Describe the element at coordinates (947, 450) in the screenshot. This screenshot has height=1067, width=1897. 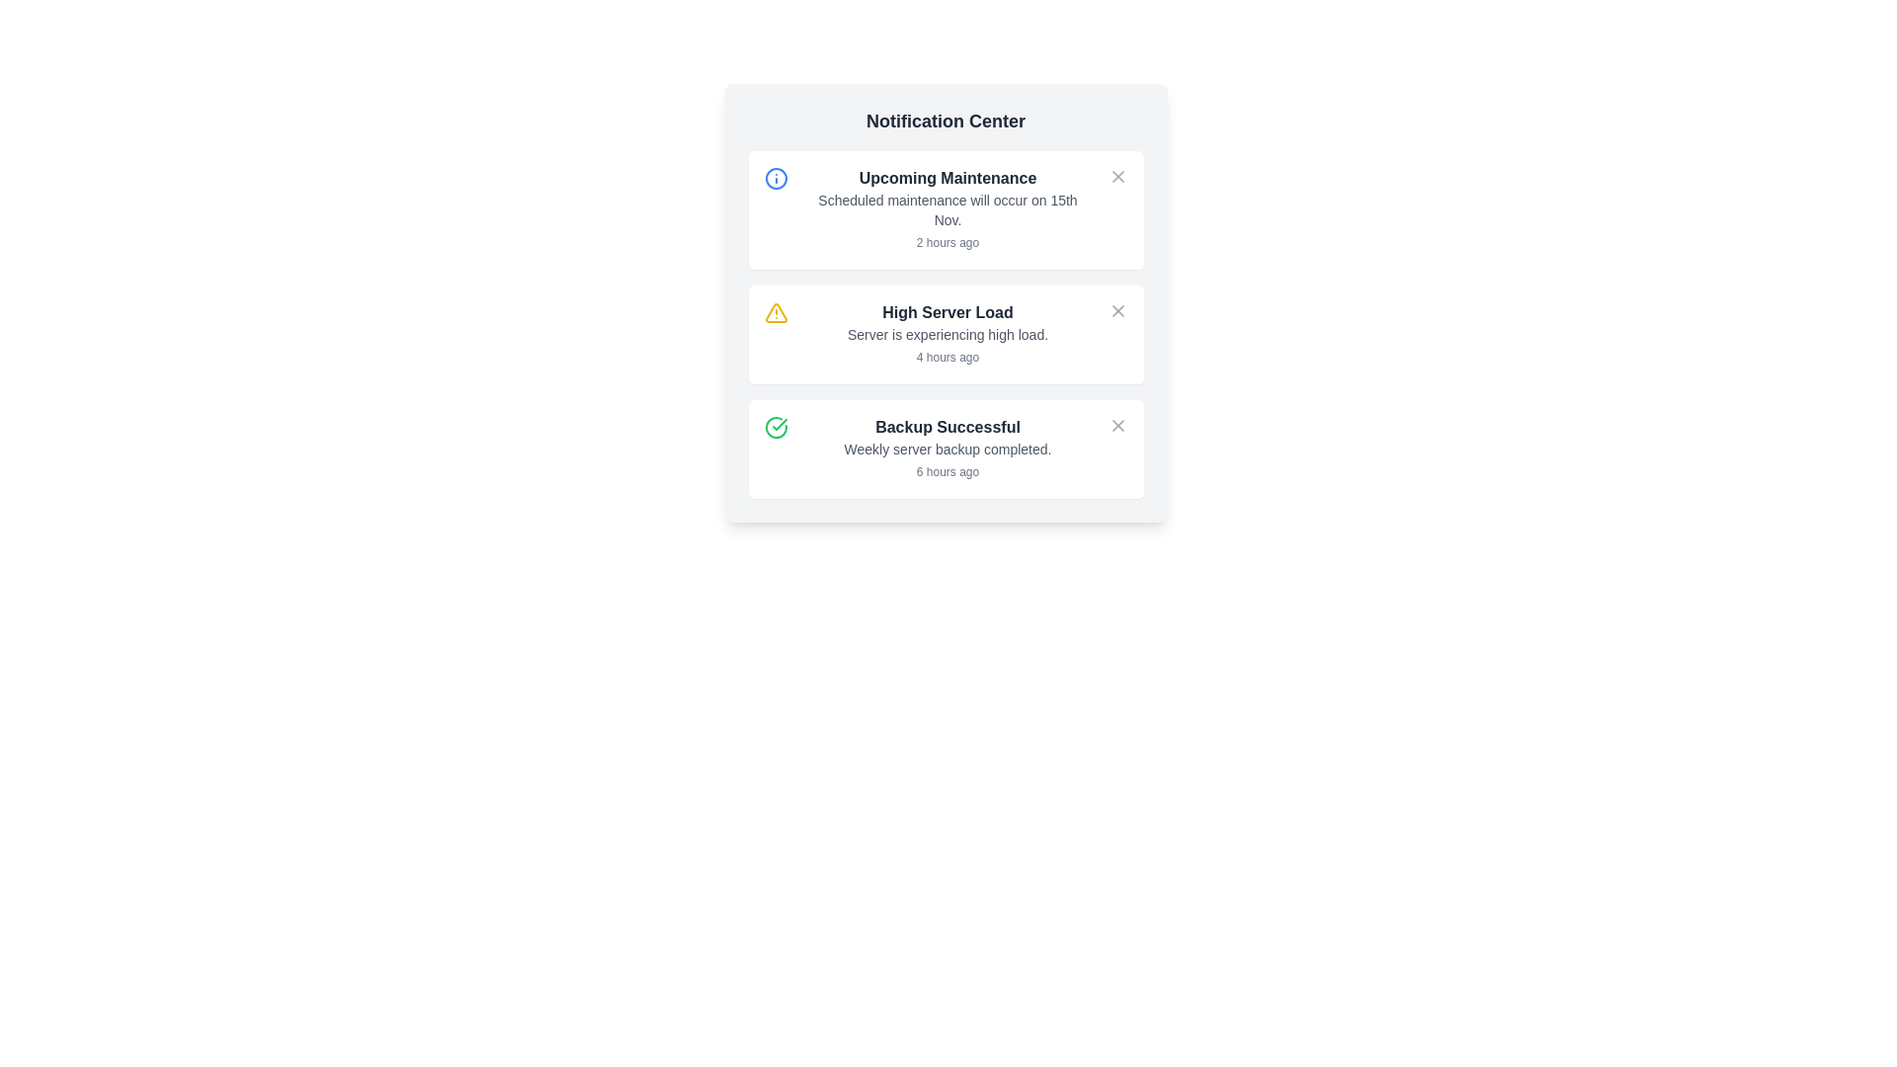
I see `the successful server backup notification text block located in the notification card at the bottom of the 'Notification Center' widget, which is the third notification in the list` at that location.